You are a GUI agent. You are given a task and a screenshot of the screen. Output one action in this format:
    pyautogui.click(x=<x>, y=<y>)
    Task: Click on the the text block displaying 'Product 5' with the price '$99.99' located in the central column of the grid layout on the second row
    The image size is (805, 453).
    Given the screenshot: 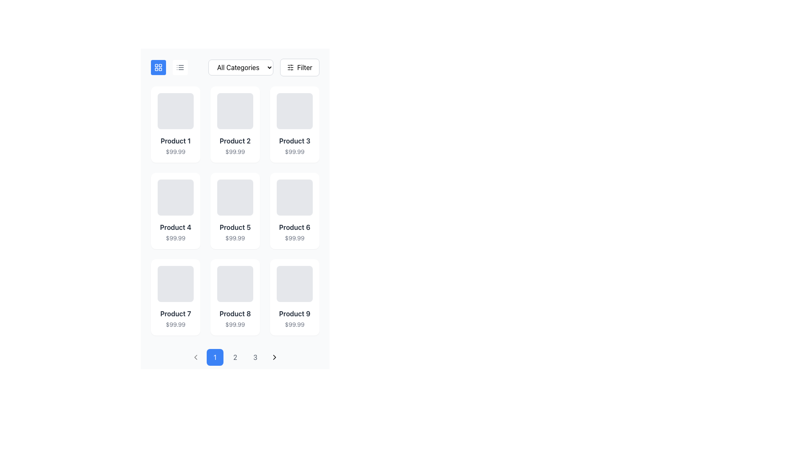 What is the action you would take?
    pyautogui.click(x=235, y=232)
    